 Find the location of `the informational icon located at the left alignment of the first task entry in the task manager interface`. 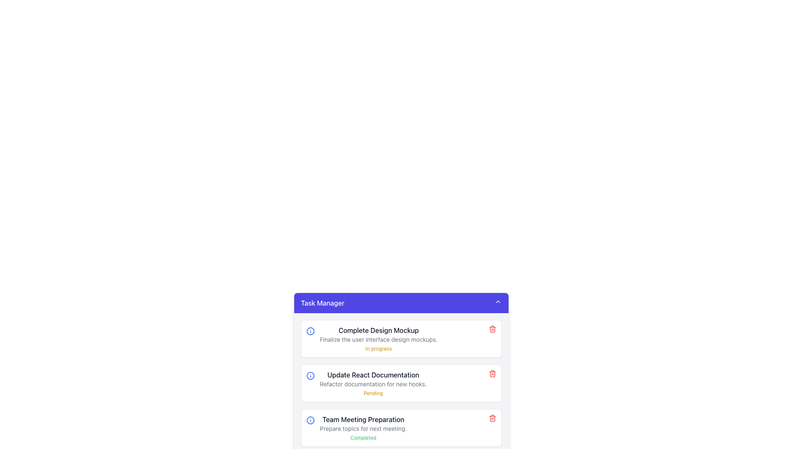

the informational icon located at the left alignment of the first task entry in the task manager interface is located at coordinates (310, 330).